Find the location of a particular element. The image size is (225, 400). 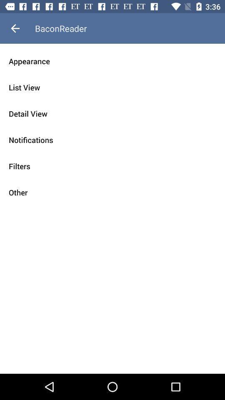

the other icon is located at coordinates (112, 192).